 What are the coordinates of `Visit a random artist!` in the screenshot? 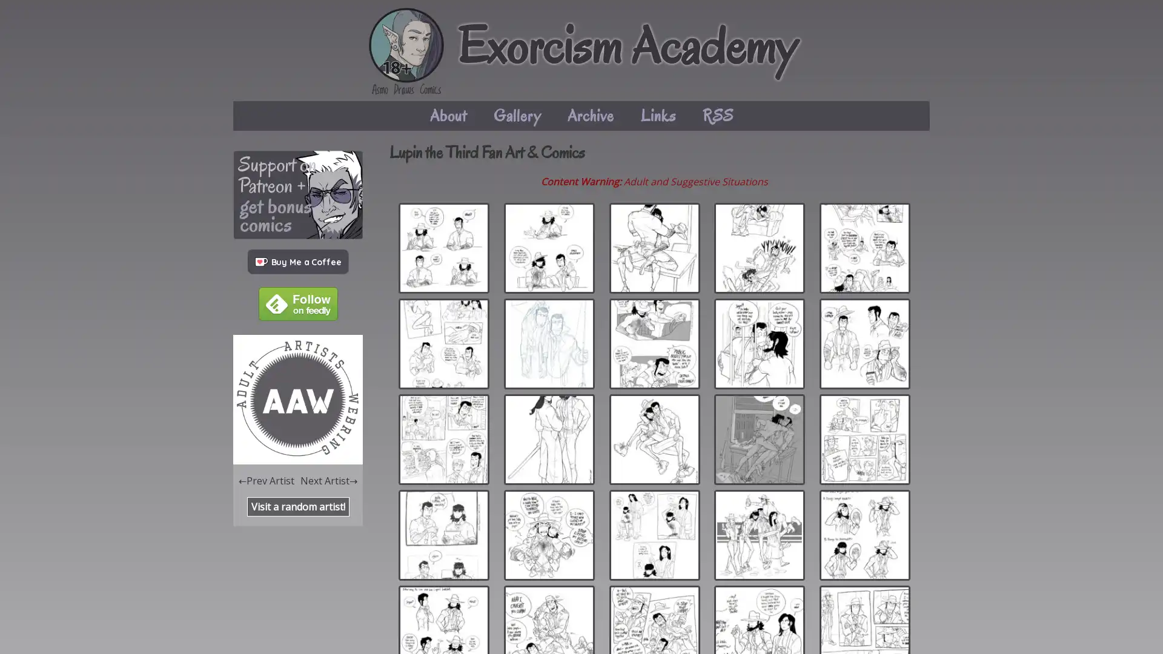 It's located at (297, 506).